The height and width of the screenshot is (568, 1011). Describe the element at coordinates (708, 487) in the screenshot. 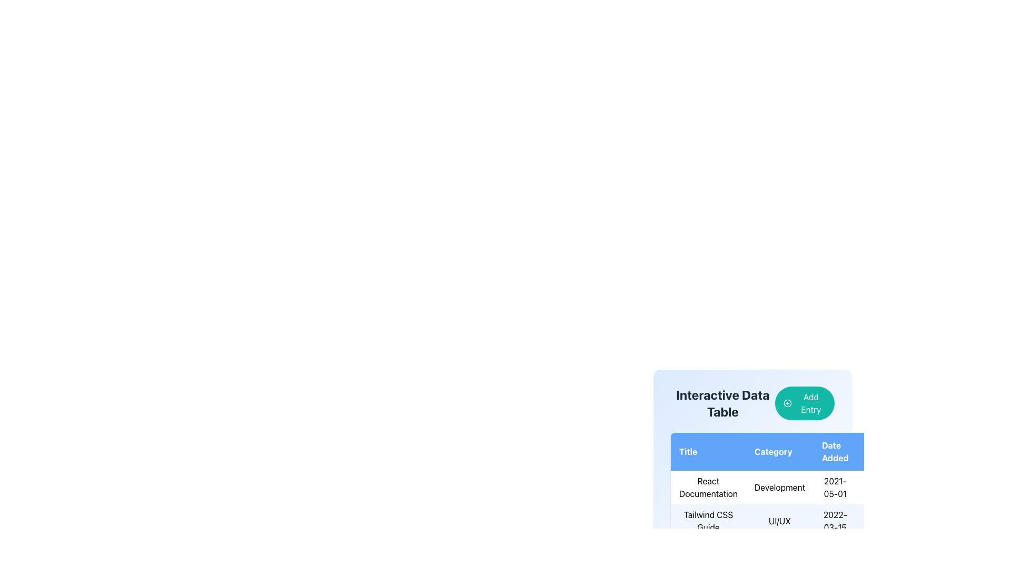

I see `the non-interactive text element that conveys the title of the first row entry under the 'Title' column in the table layout, located to the left of 'Development' and above 'Tailwind CSS Guide'` at that location.